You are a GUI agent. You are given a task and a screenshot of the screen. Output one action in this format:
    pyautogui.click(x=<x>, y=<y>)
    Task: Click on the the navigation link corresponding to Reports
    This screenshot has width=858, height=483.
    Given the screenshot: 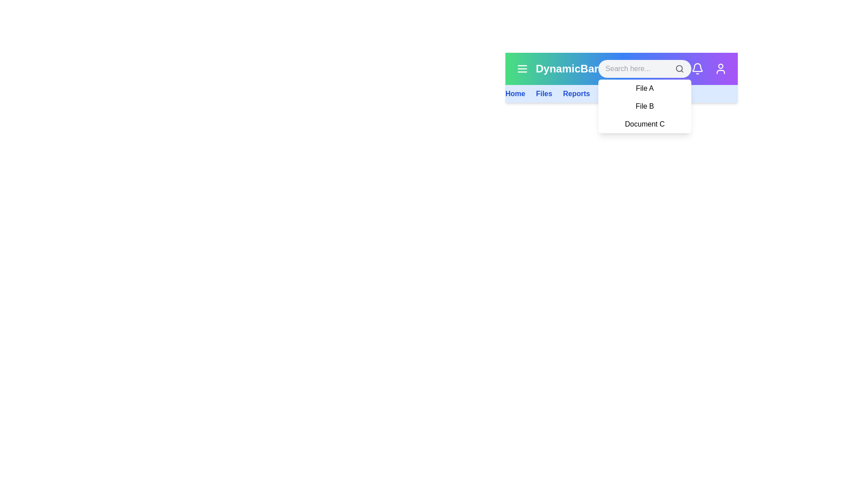 What is the action you would take?
    pyautogui.click(x=576, y=93)
    